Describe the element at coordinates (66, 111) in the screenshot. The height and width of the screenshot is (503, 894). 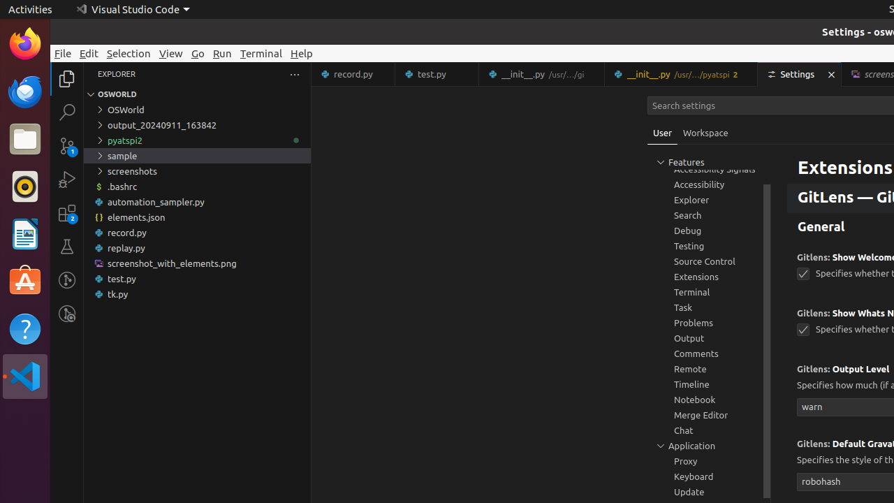
I see `'Search (Ctrl+Shift+F)'` at that location.